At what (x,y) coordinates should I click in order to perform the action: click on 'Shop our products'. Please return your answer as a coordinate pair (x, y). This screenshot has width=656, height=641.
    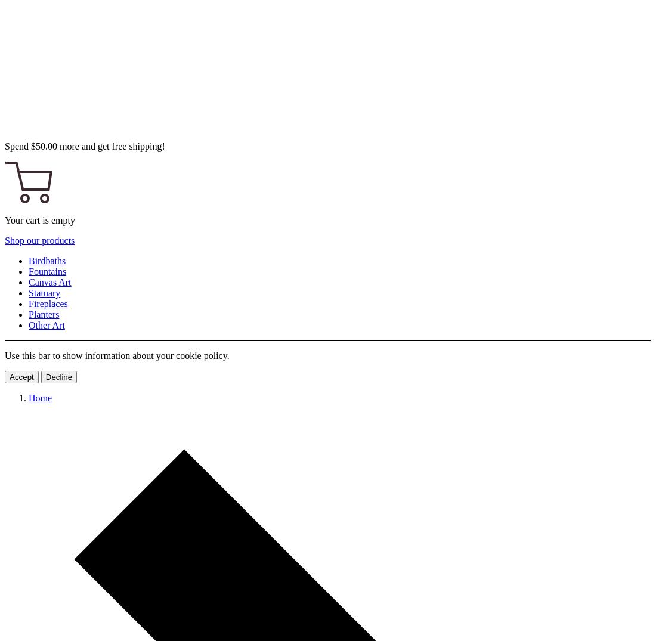
    Looking at the image, I should click on (39, 240).